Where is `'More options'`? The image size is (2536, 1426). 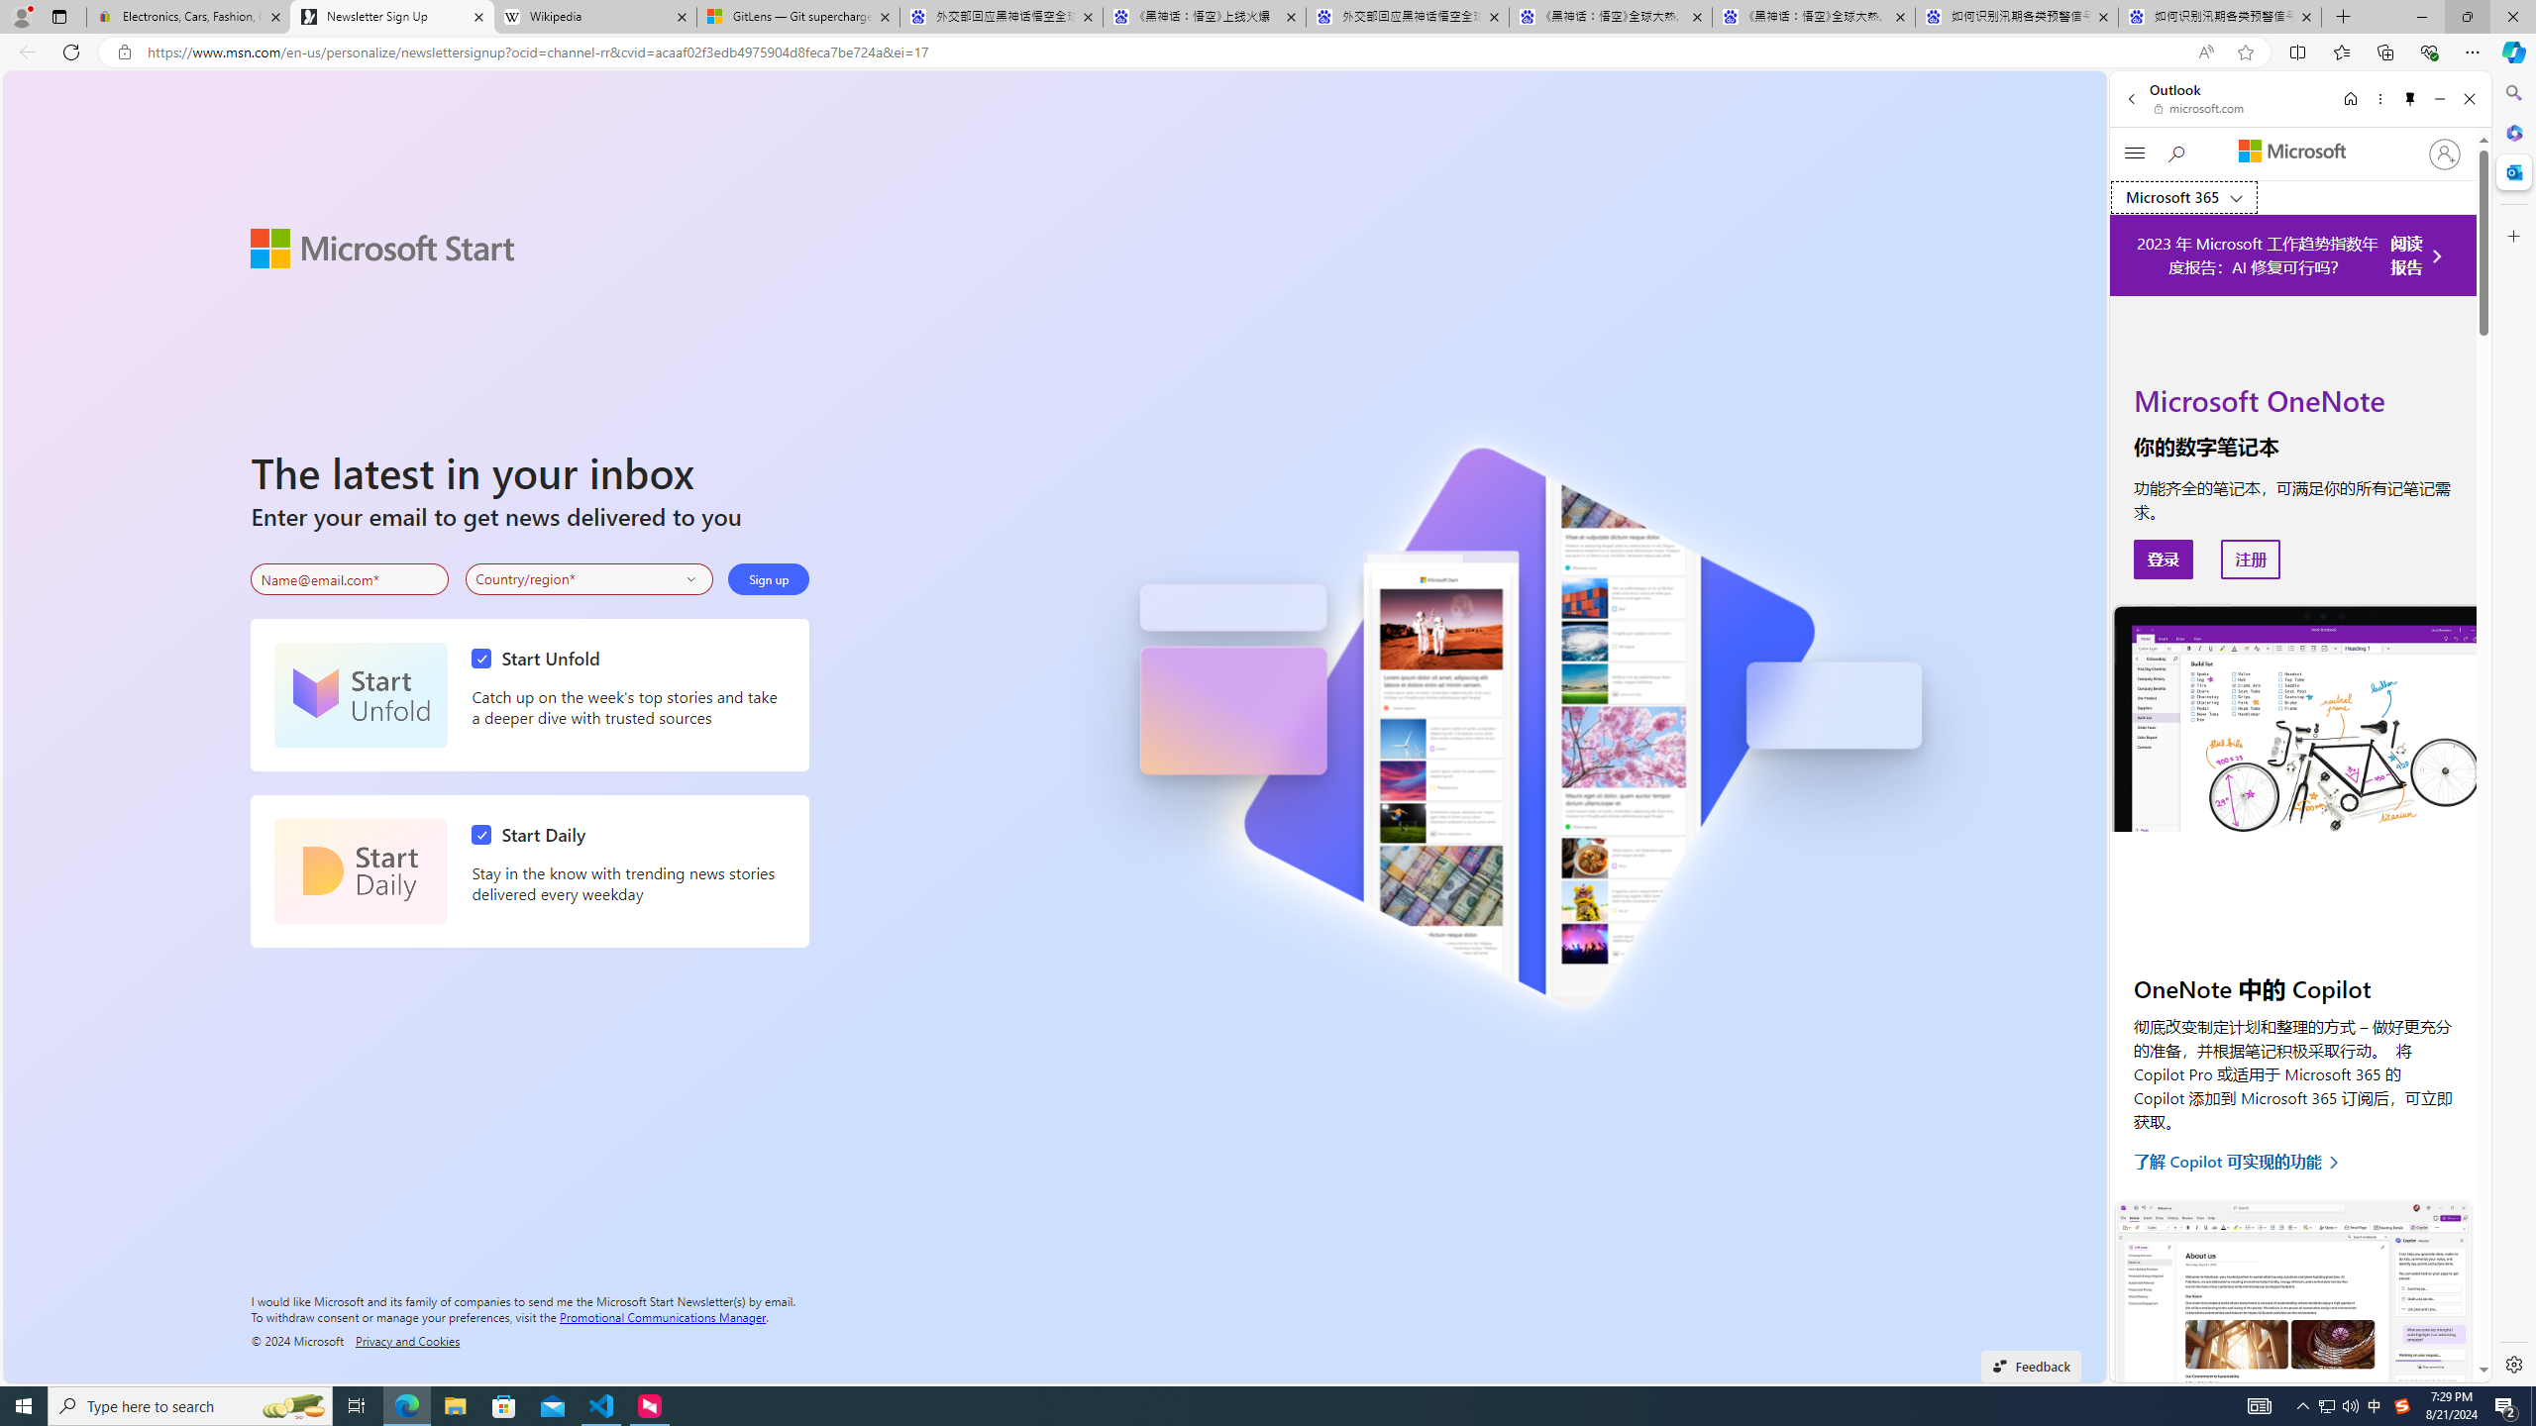
'More options' is located at coordinates (2378, 98).